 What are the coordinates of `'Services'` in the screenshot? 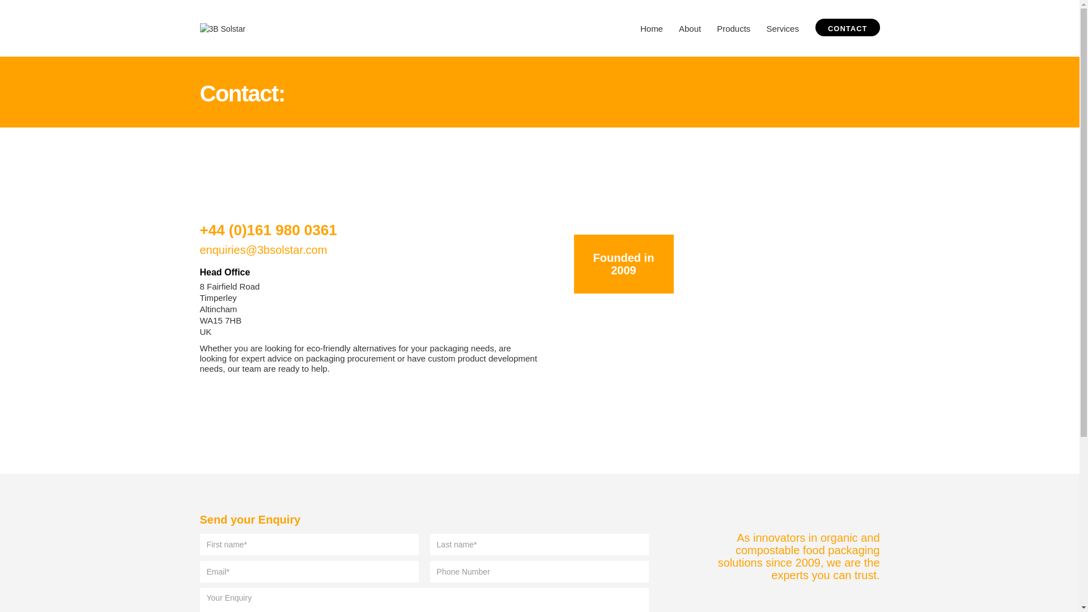 It's located at (782, 28).